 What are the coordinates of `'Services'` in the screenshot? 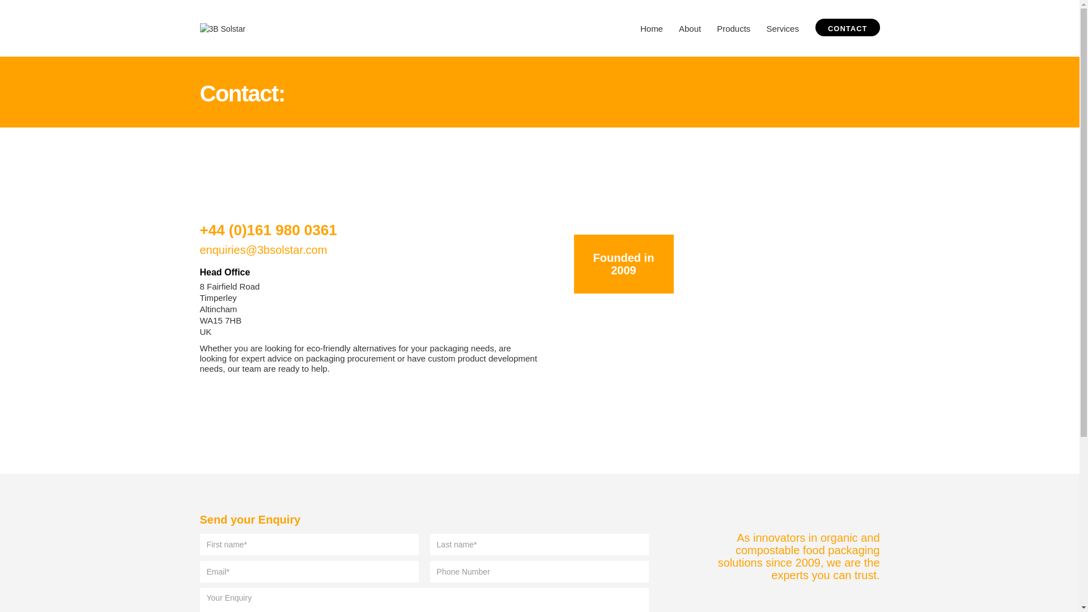 It's located at (782, 28).